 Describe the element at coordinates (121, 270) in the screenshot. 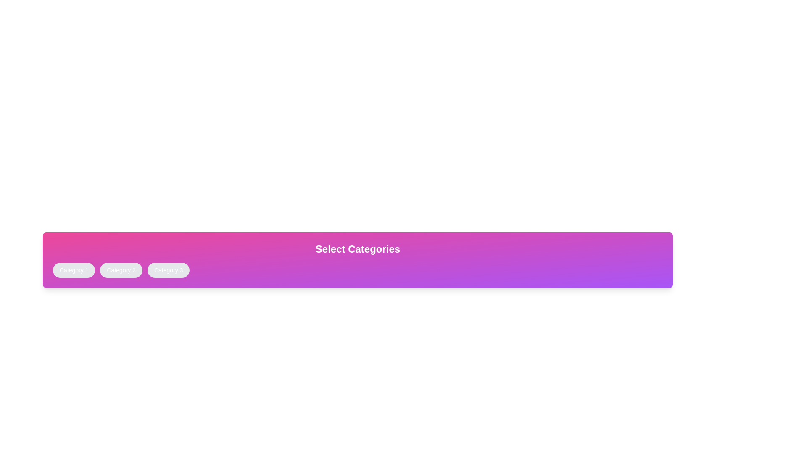

I see `the button corresponding to Category 2 to toggle its active state` at that location.